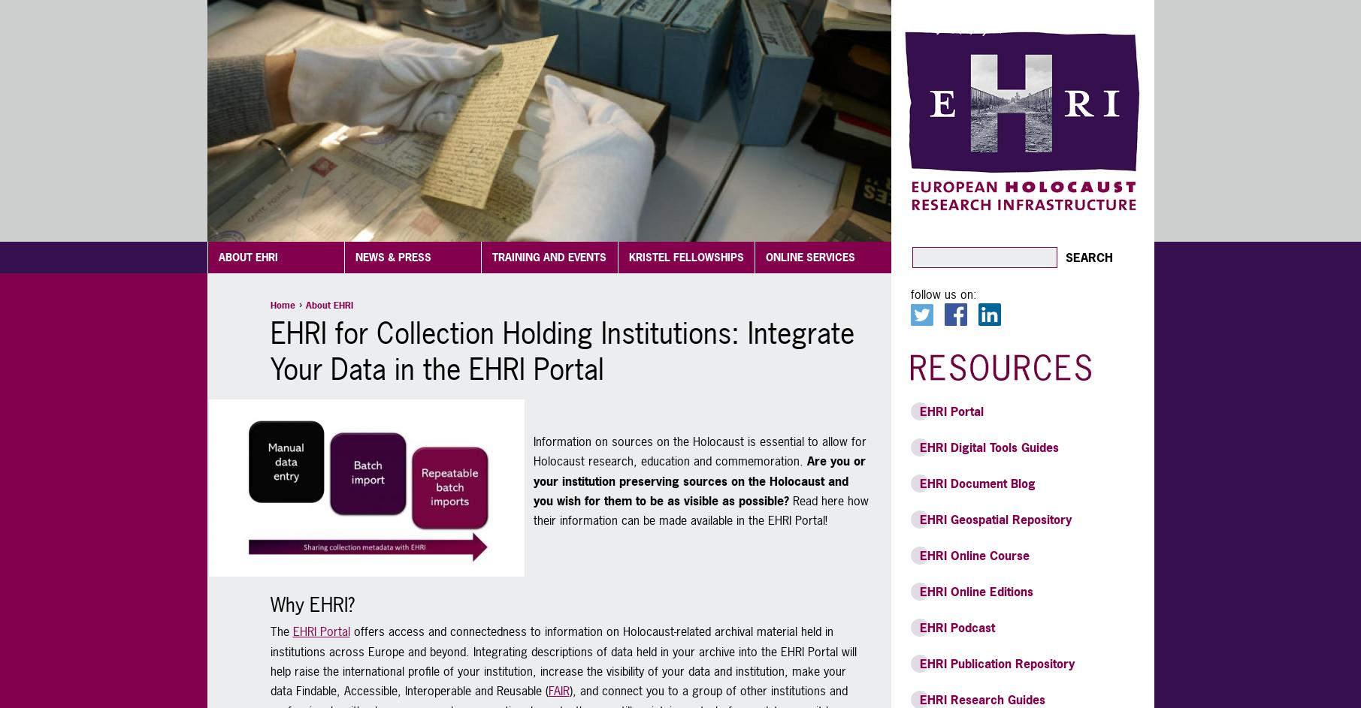 The image size is (1361, 708). Describe the element at coordinates (996, 663) in the screenshot. I see `'EHRI Publication Repository'` at that location.